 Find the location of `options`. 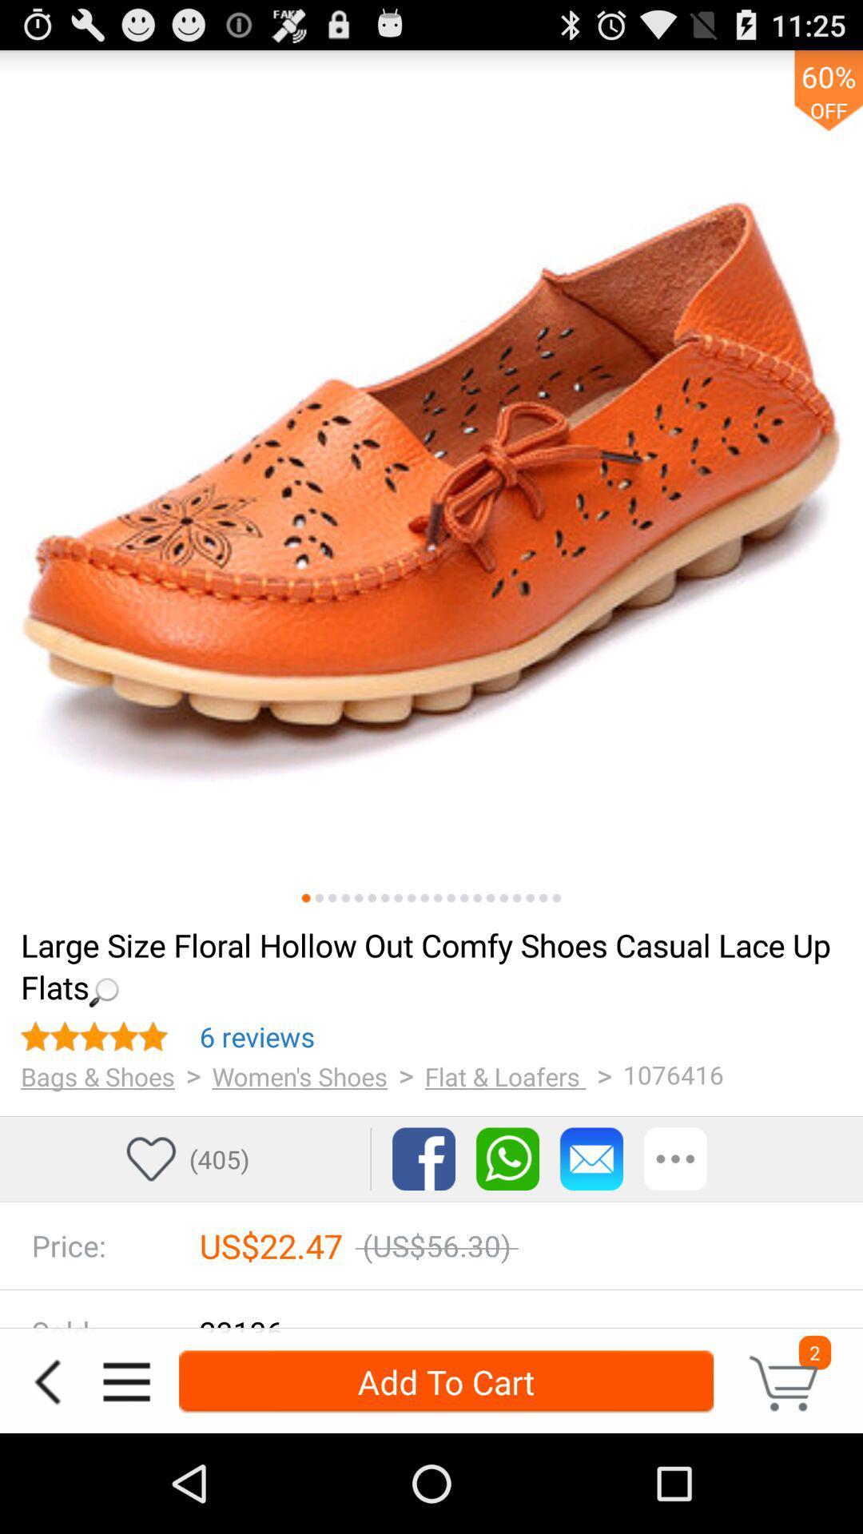

options is located at coordinates (125, 1381).